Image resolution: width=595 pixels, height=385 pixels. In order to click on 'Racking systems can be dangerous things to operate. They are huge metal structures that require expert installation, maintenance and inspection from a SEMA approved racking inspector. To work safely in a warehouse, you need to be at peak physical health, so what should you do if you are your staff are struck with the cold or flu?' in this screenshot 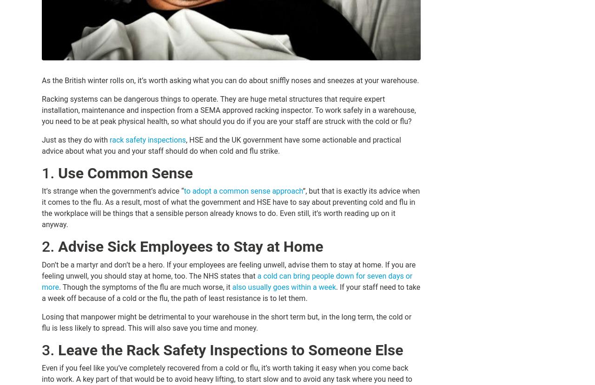, I will do `click(229, 110)`.